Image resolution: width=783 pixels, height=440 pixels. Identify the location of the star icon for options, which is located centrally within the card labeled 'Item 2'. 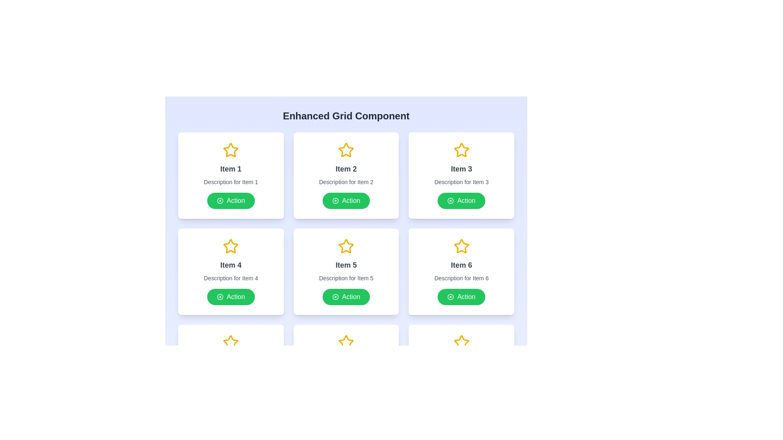
(346, 150).